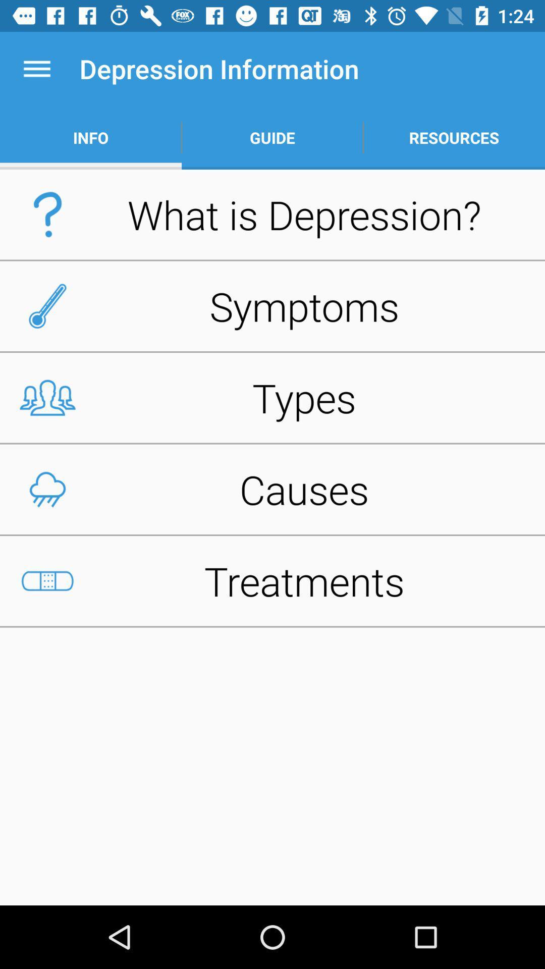 The width and height of the screenshot is (545, 969). I want to click on icon next to the depression information icon, so click(36, 68).